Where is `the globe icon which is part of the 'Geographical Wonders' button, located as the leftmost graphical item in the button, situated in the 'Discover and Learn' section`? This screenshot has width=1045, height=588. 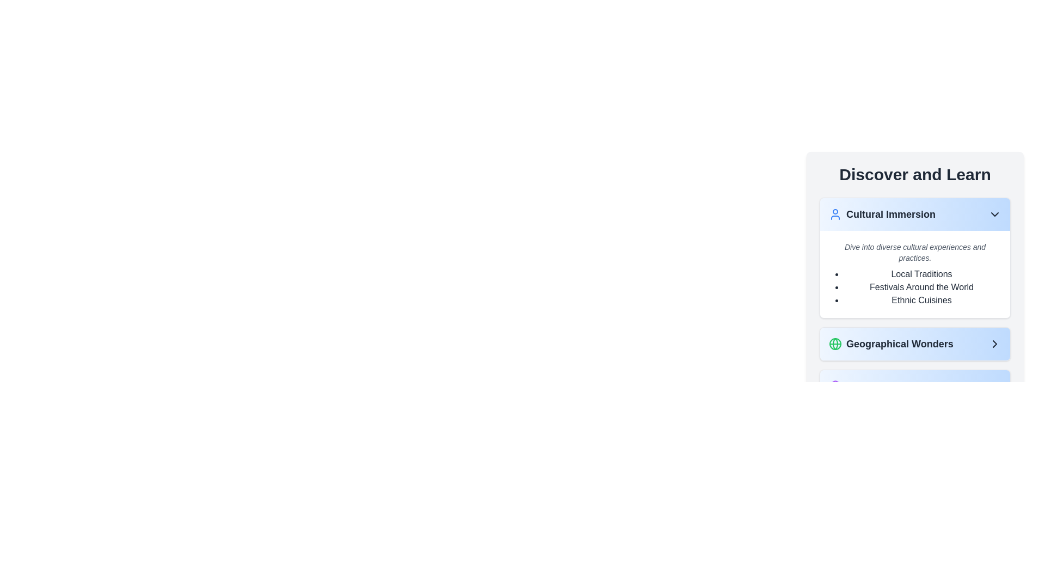 the globe icon which is part of the 'Geographical Wonders' button, located as the leftmost graphical item in the button, situated in the 'Discover and Learn' section is located at coordinates (835, 344).